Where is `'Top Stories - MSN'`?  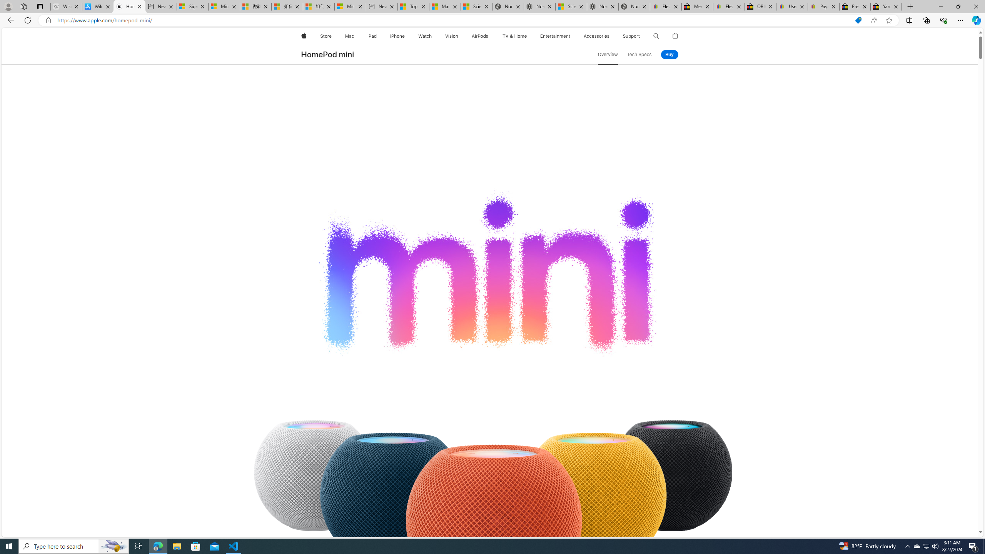
'Top Stories - MSN' is located at coordinates (412, 6).